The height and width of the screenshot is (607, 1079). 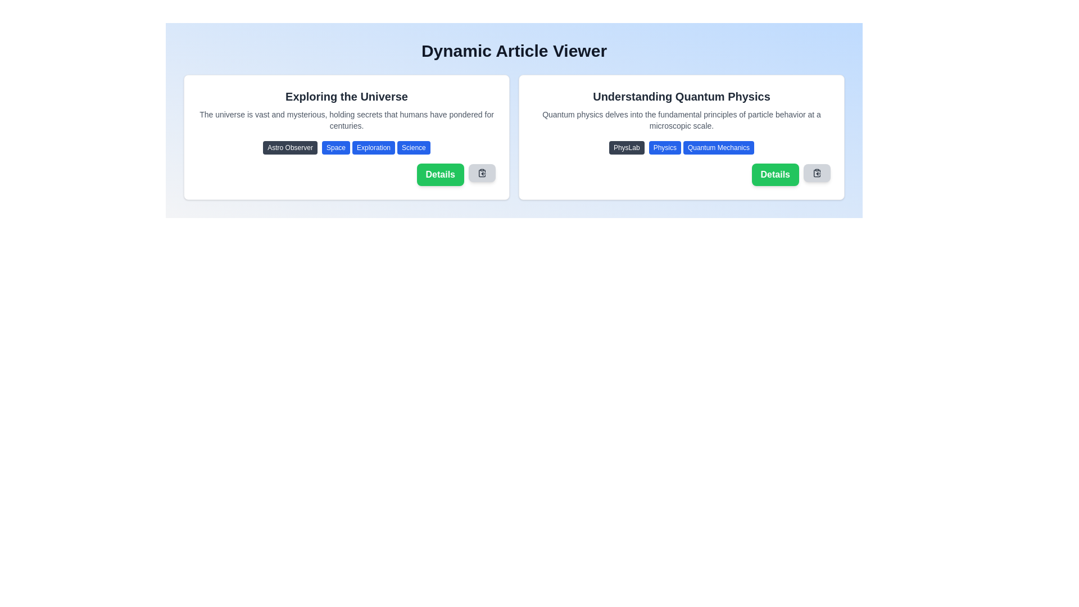 What do you see at coordinates (817, 173) in the screenshot?
I see `the clipboard-shaped icon with a gray outline located on the rightmost button of the article 'Understanding Quantum Physics'` at bounding box center [817, 173].